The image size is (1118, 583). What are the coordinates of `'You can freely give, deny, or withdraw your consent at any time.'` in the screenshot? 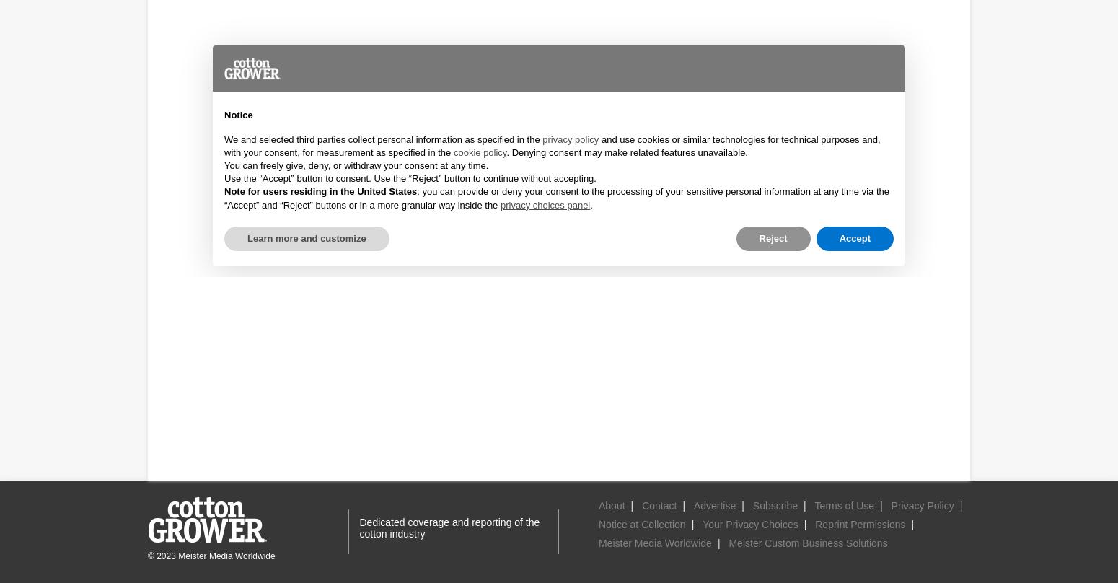 It's located at (355, 165).